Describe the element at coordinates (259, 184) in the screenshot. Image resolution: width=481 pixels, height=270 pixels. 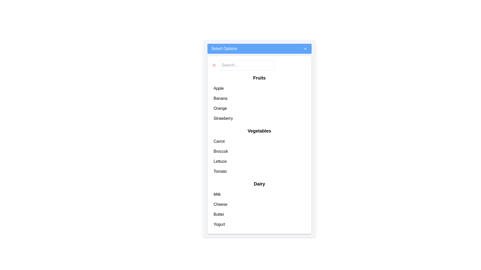
I see `the static text label that serves as a category header for dairy-related items, positioned at the center-top of the items 'Milk', 'Cheese', 'Butter', and 'Yogurt'` at that location.